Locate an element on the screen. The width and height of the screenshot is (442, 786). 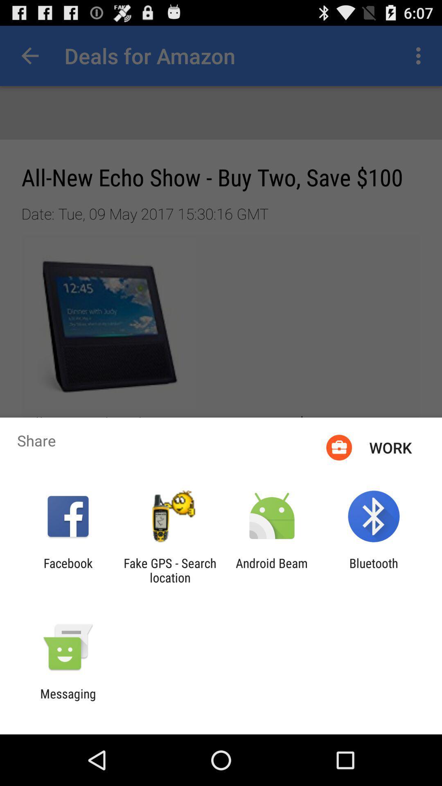
the app next to fake gps search item is located at coordinates (272, 570).